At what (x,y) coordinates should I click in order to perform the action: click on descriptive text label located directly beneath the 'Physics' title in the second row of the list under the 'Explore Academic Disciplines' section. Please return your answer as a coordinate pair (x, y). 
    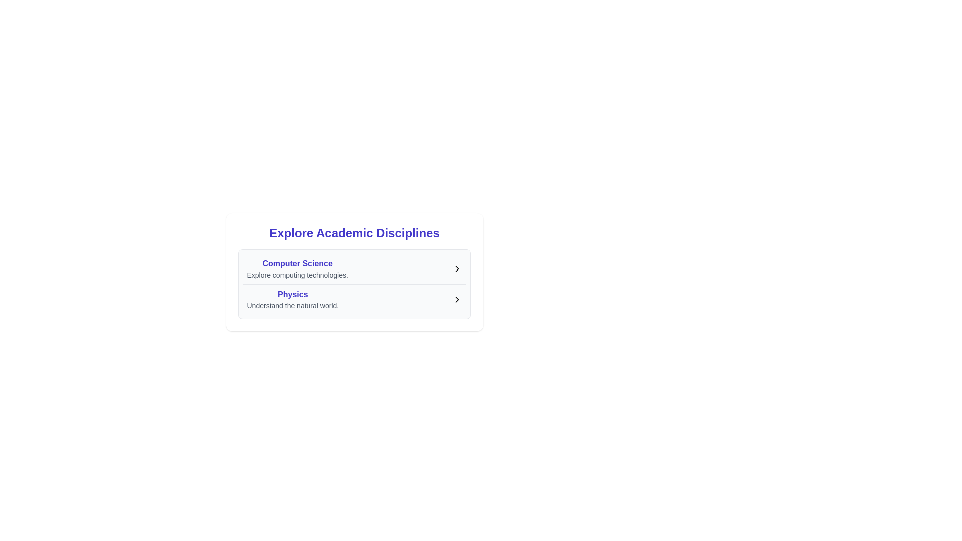
    Looking at the image, I should click on (292, 305).